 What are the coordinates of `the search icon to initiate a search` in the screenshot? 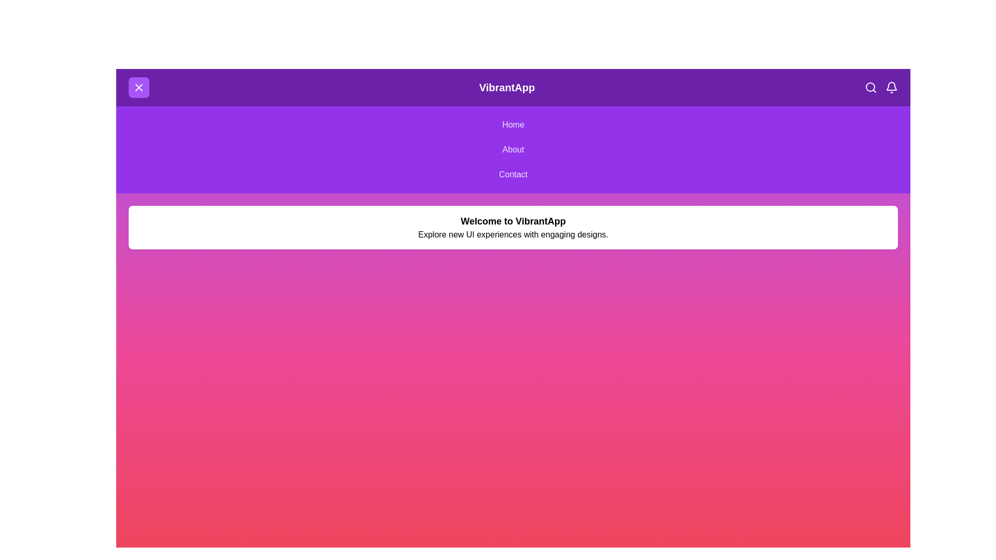 It's located at (871, 87).